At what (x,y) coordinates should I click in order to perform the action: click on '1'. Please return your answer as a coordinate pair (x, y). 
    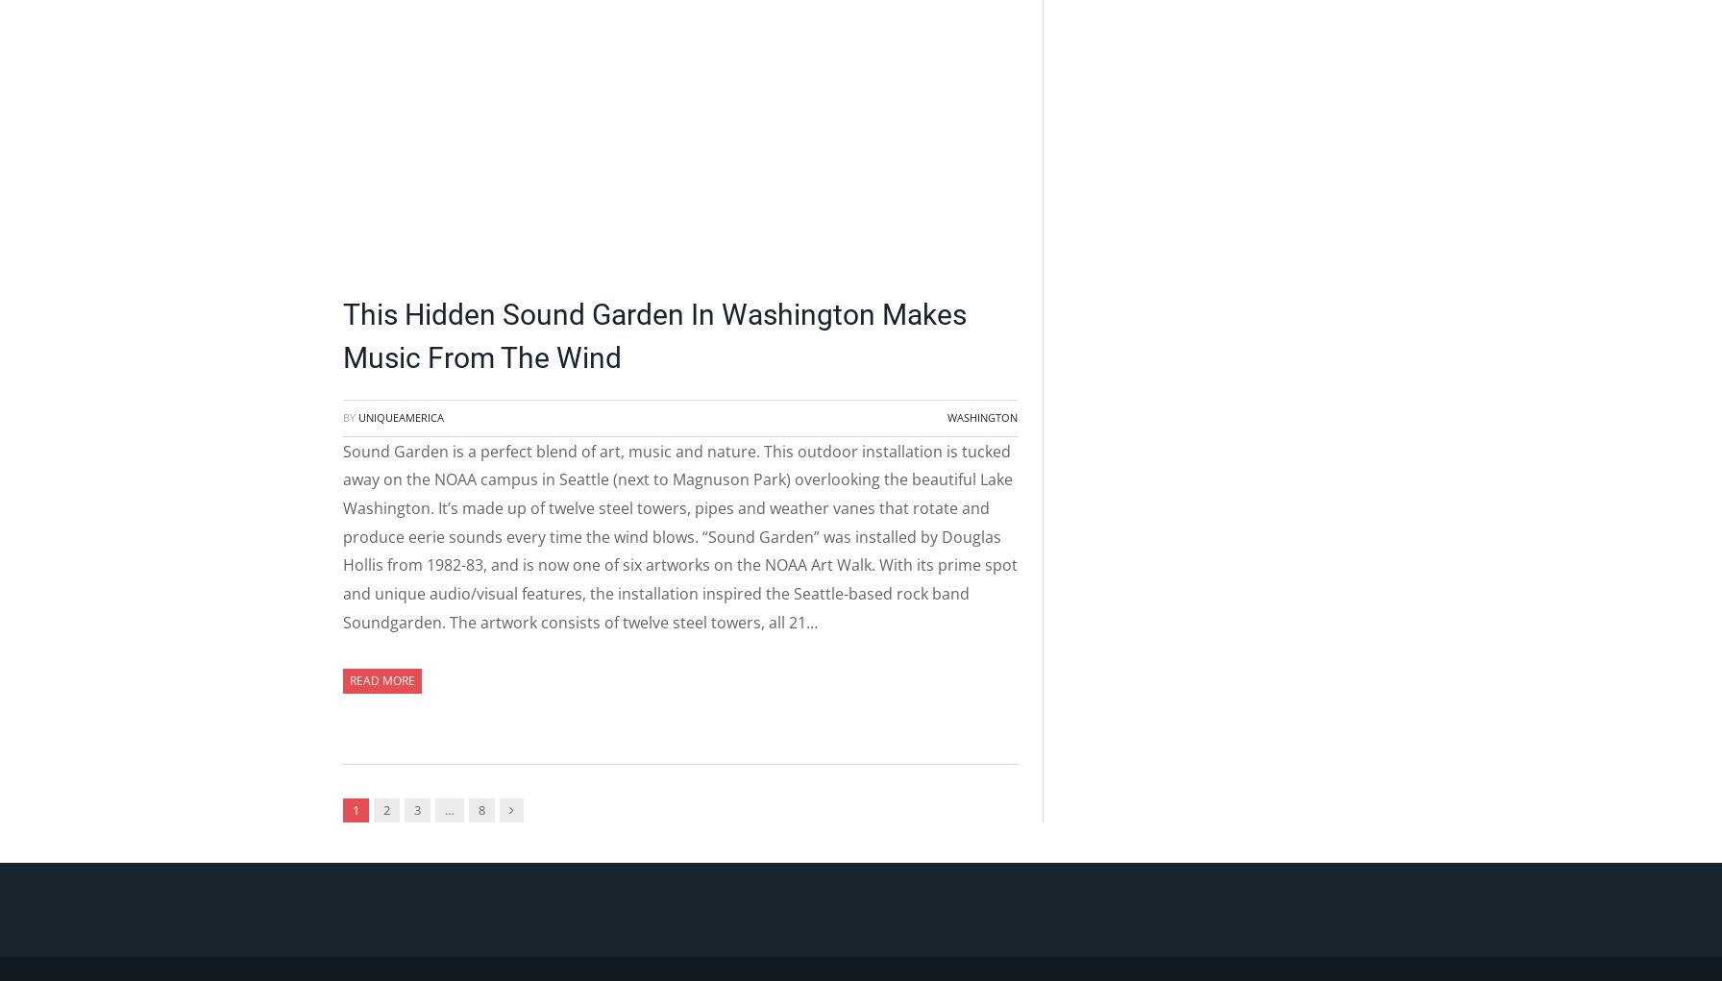
    Looking at the image, I should click on (353, 809).